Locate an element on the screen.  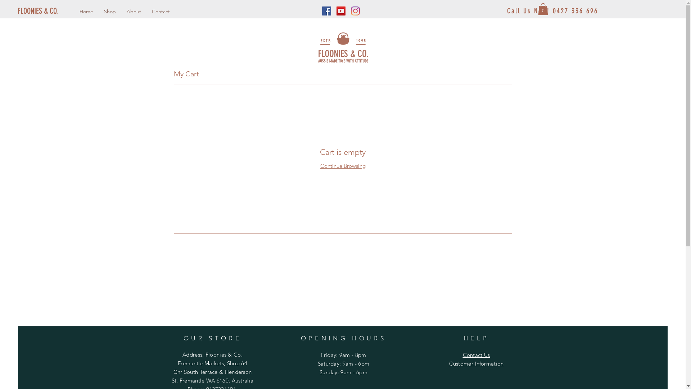
'Home' is located at coordinates (86, 11).